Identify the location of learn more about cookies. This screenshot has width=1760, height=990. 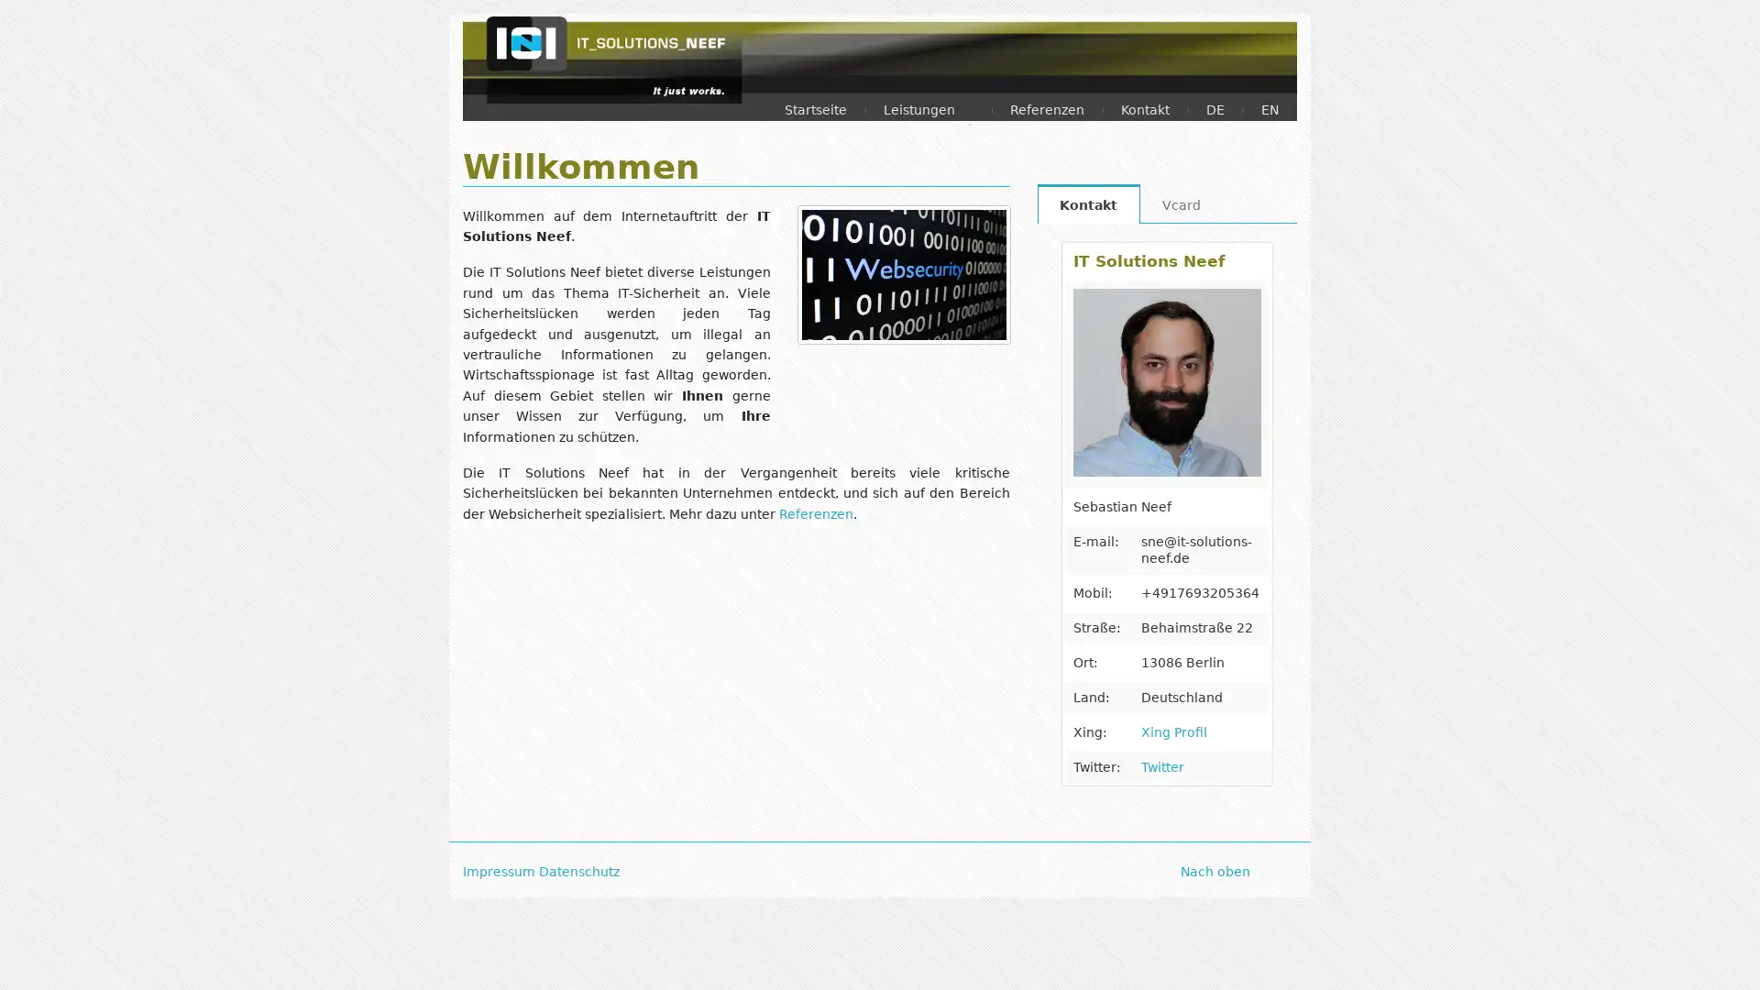
(731, 956).